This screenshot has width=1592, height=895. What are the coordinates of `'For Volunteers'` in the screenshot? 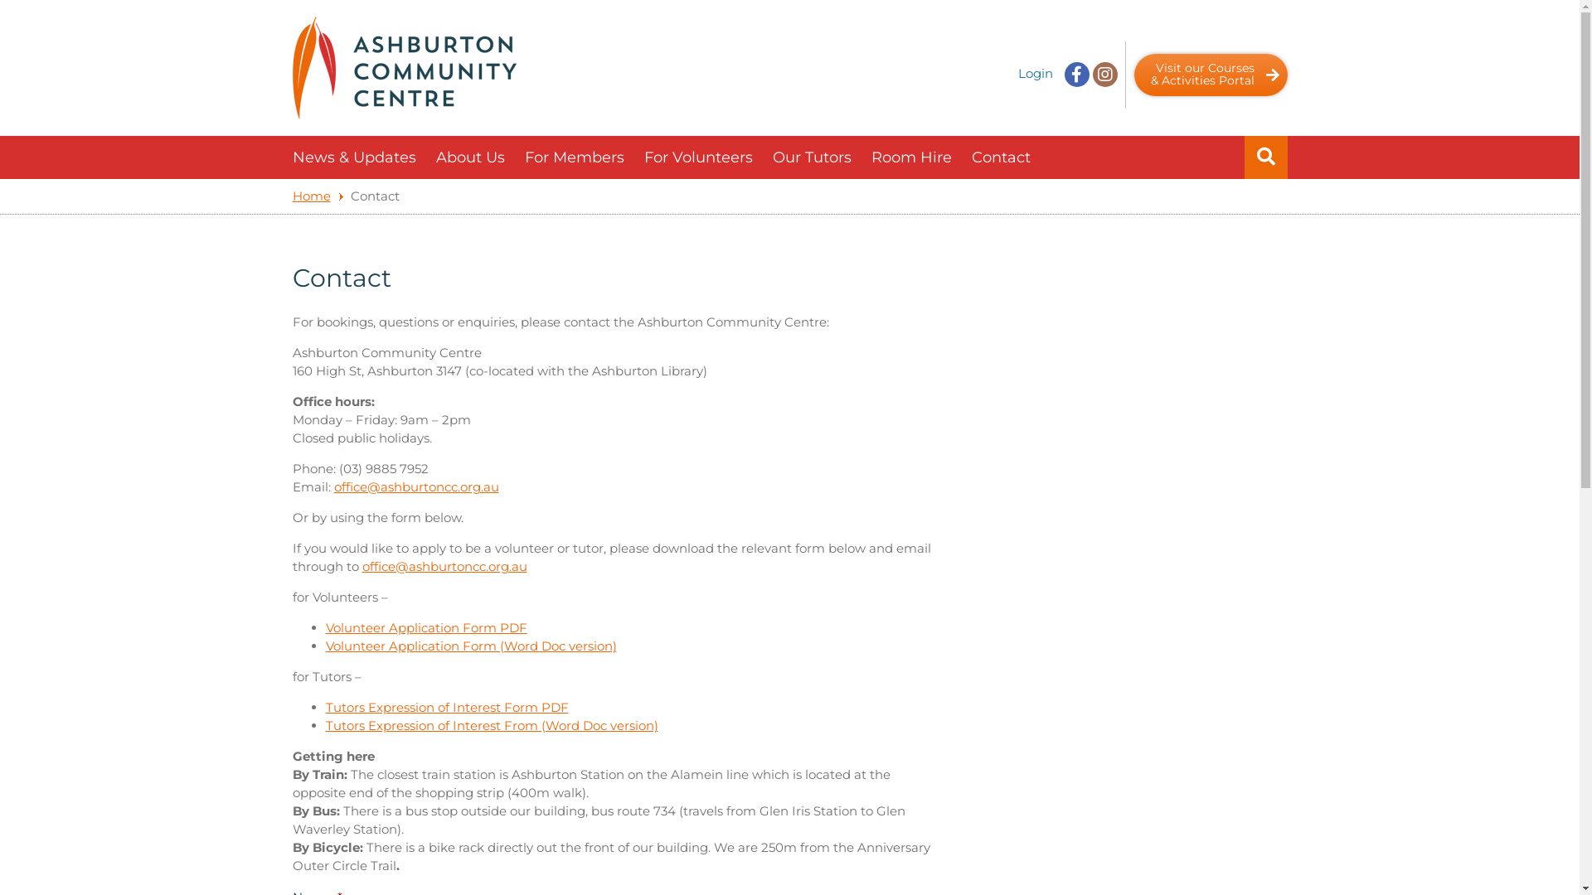 It's located at (697, 157).